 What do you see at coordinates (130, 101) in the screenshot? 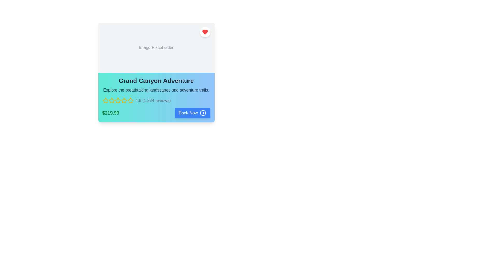
I see `the last yellow outlined star in the rating section beneath '4.8 (1,234 reviews)'` at bounding box center [130, 101].